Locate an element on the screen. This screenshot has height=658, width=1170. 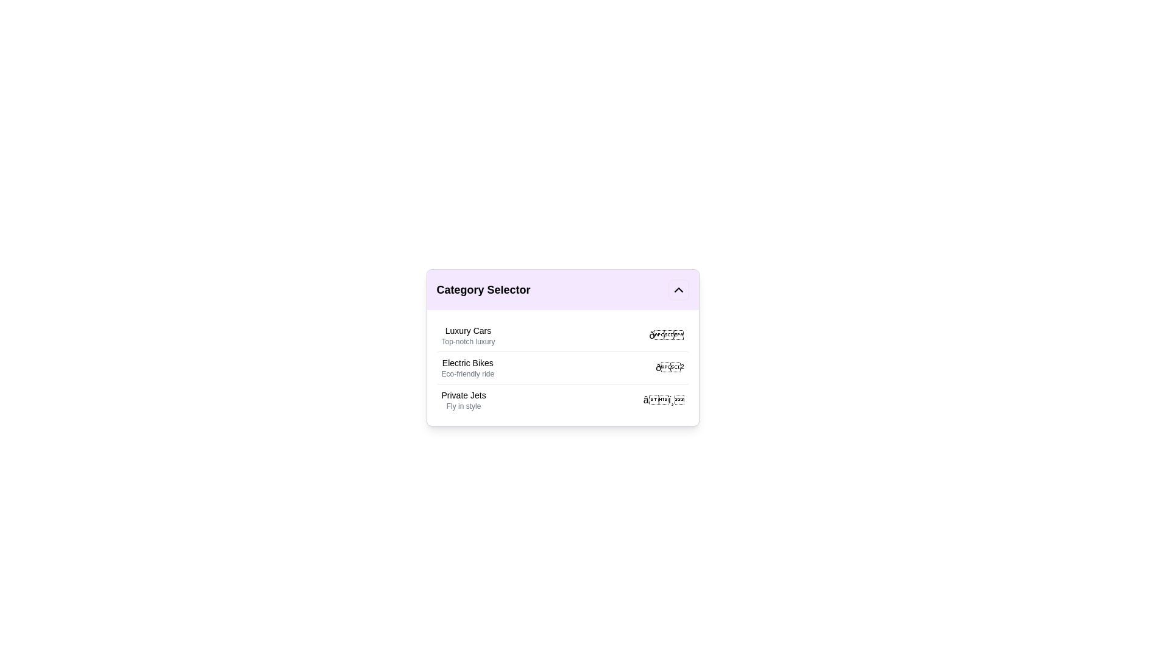
the second item in the 'Category Selector' list, which is labeled 'Electric Bikes' is located at coordinates (562, 367).